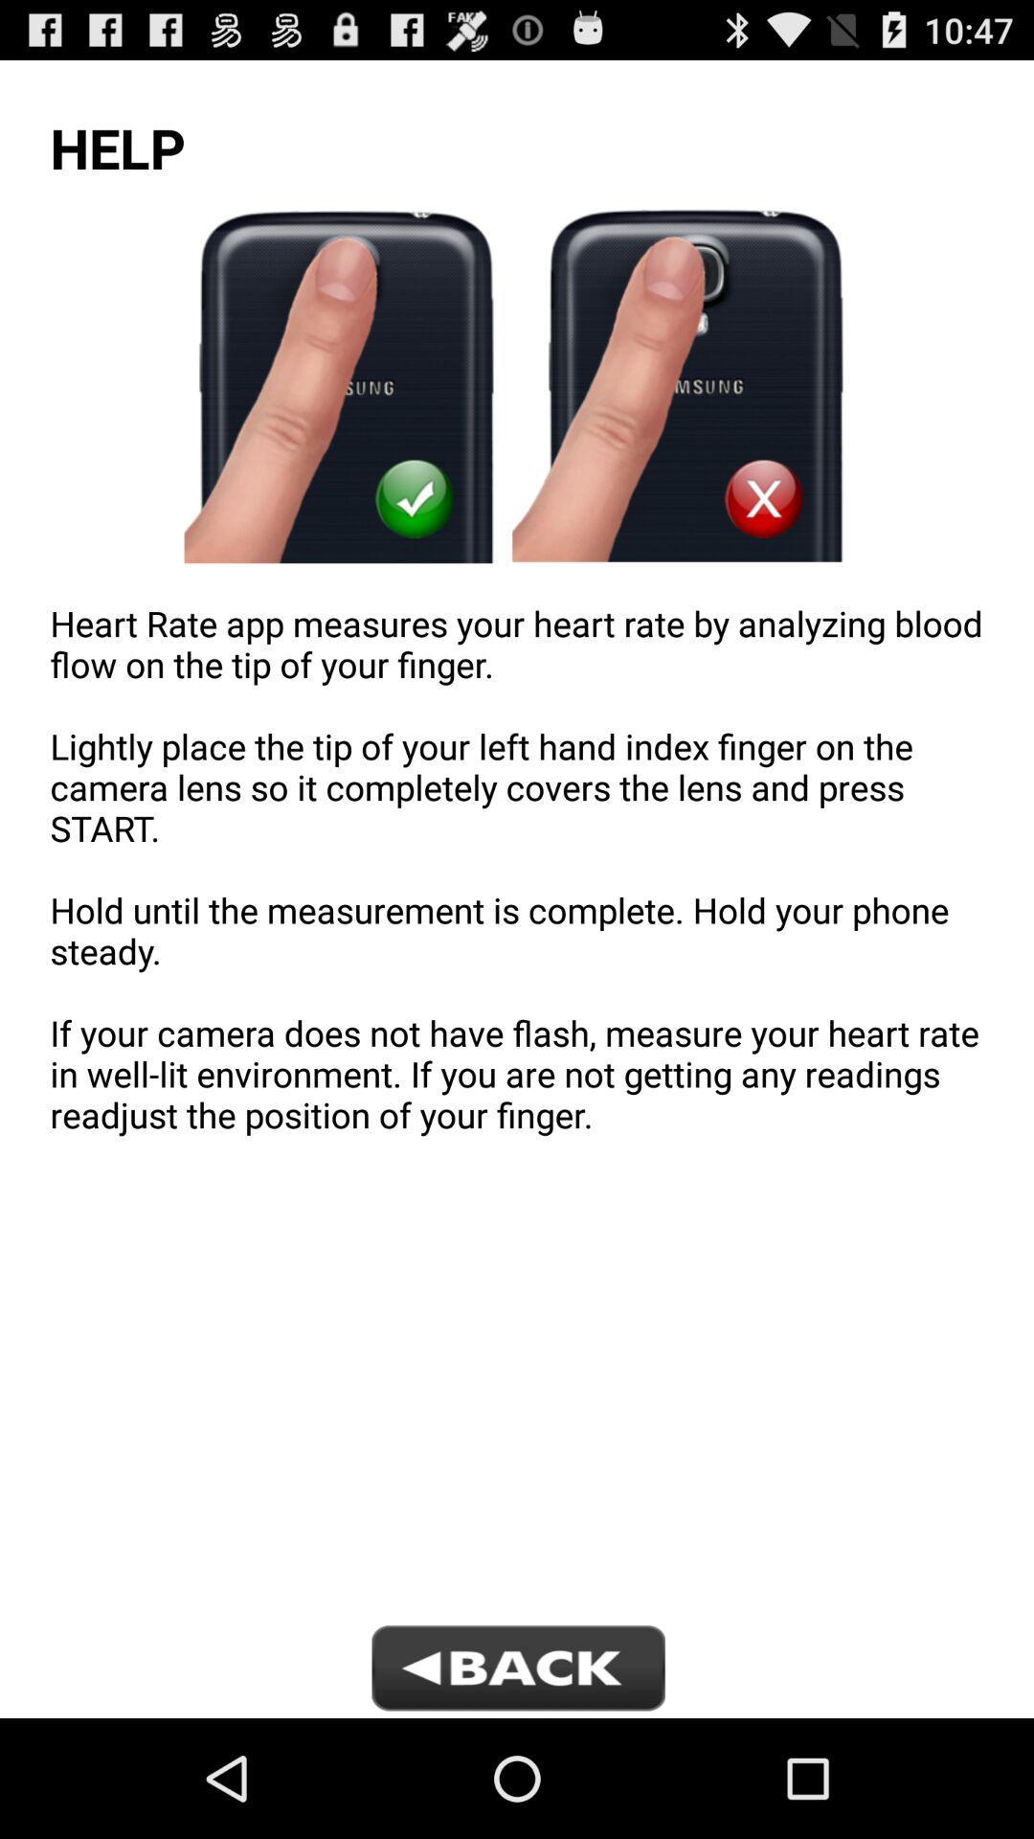  What do you see at coordinates (517, 1670) in the screenshot?
I see `the item at the bottom` at bounding box center [517, 1670].